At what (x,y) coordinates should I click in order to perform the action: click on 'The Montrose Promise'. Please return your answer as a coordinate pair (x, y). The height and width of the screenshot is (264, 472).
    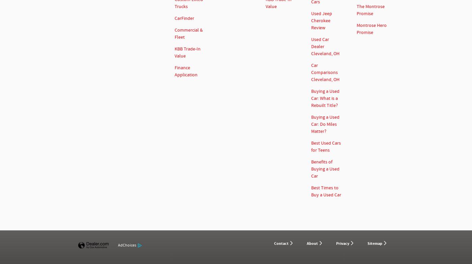
    Looking at the image, I should click on (356, 10).